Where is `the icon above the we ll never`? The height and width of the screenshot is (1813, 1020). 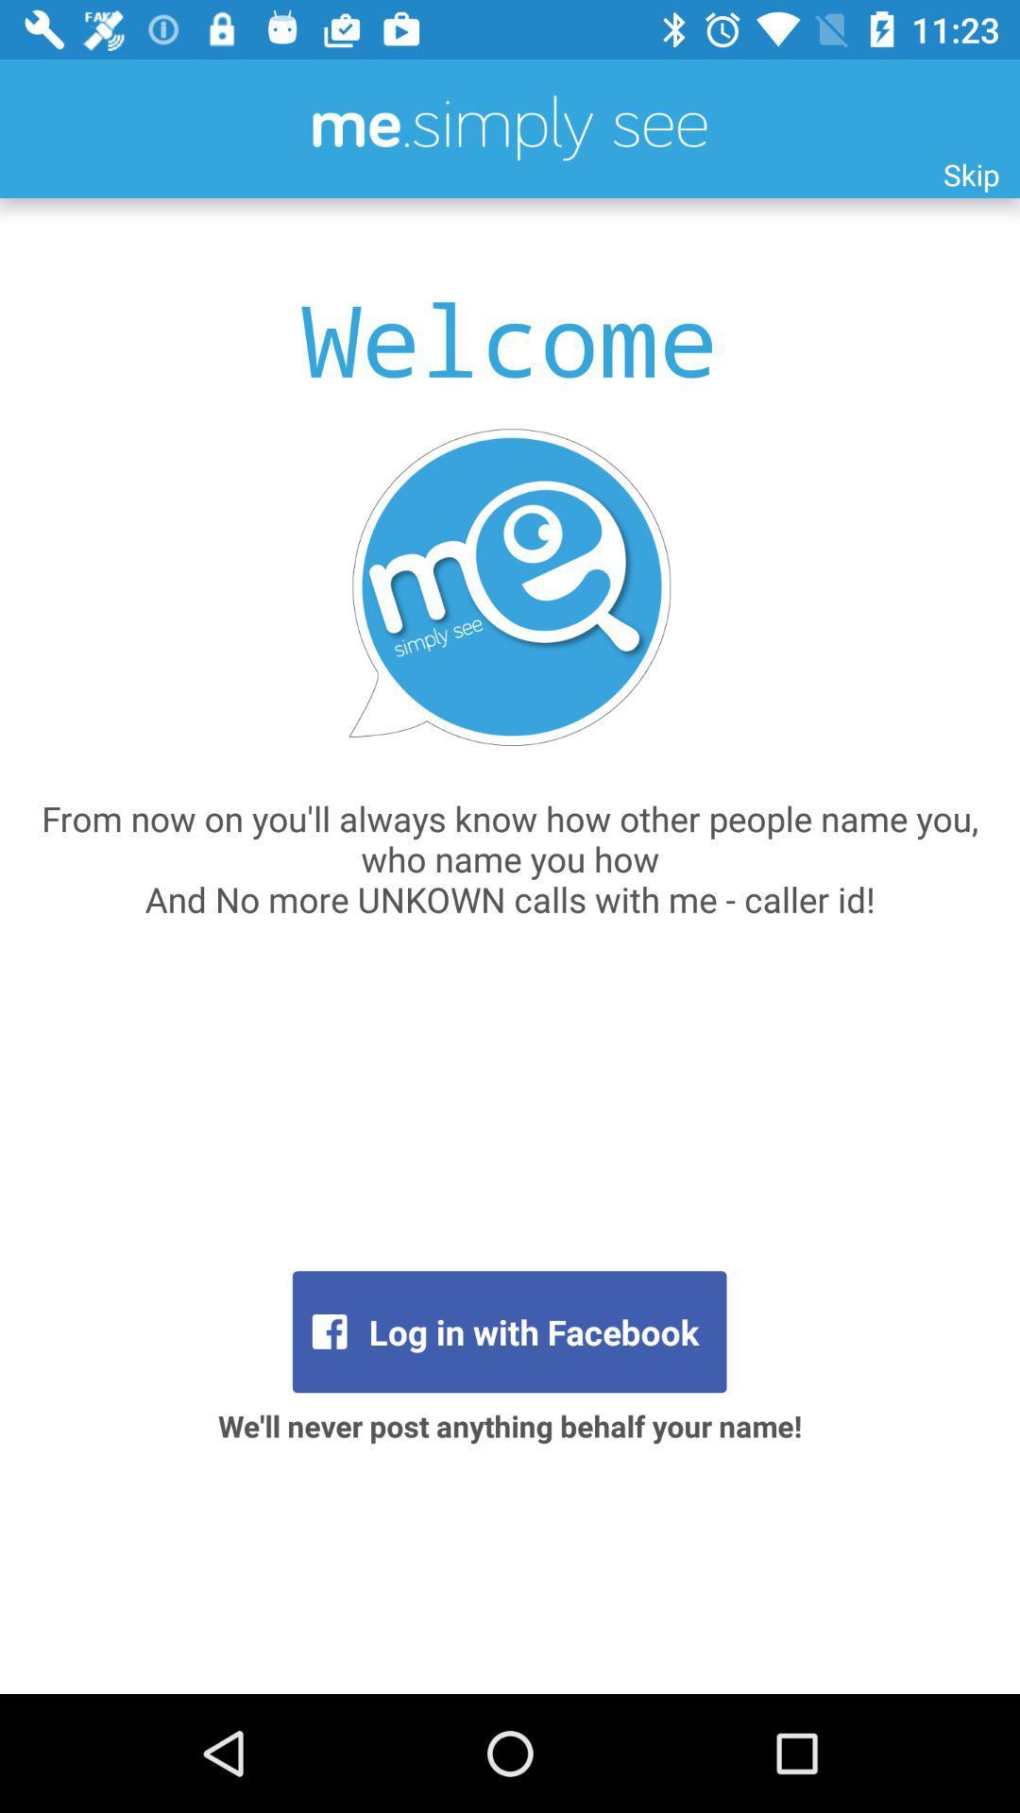 the icon above the we ll never is located at coordinates (508, 1330).